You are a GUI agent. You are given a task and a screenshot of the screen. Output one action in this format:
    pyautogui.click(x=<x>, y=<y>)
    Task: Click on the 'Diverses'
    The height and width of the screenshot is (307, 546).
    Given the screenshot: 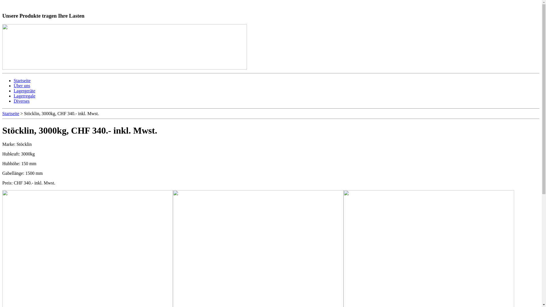 What is the action you would take?
    pyautogui.click(x=22, y=101)
    